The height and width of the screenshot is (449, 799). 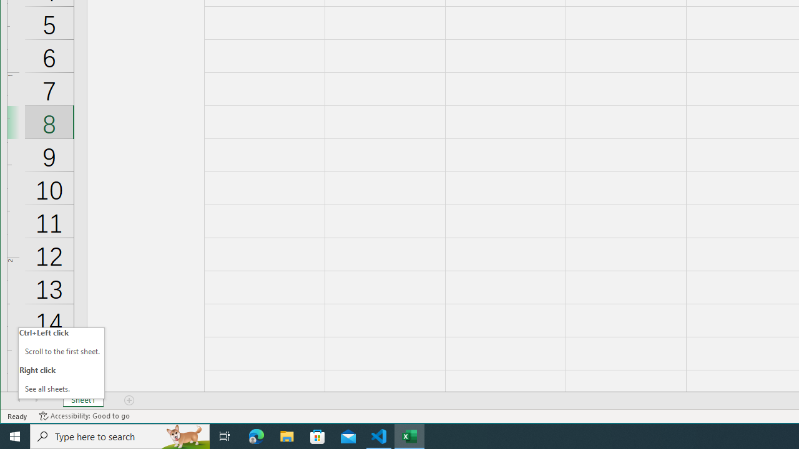 What do you see at coordinates (120, 435) in the screenshot?
I see `'Type here to search'` at bounding box center [120, 435].